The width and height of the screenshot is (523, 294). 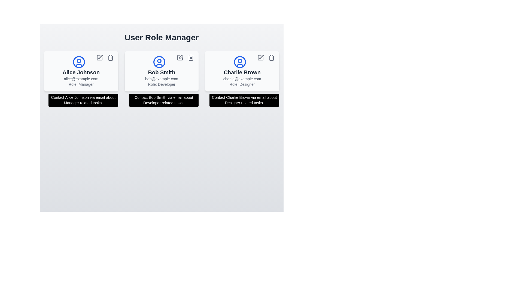 I want to click on the curved U-like line segment at the bottom of the profile icon for 'Bob Smith', which represents part of the user icon, so click(x=159, y=65).